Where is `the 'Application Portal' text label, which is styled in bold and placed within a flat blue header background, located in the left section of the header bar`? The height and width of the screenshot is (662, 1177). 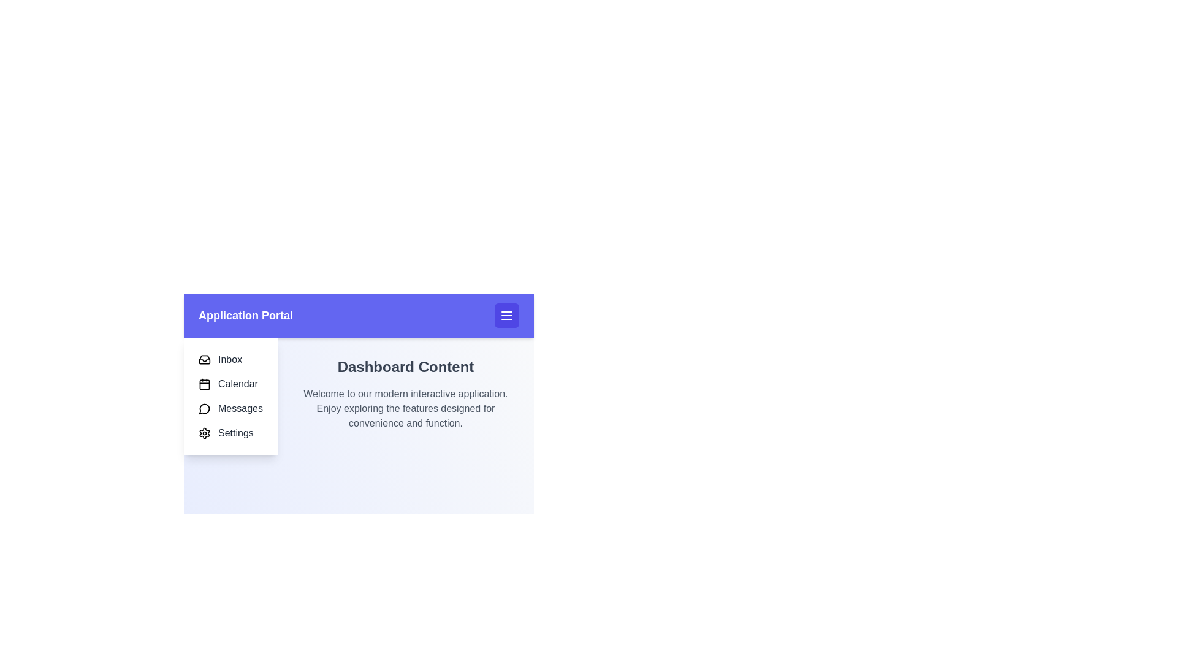
the 'Application Portal' text label, which is styled in bold and placed within a flat blue header background, located in the left section of the header bar is located at coordinates (245, 315).